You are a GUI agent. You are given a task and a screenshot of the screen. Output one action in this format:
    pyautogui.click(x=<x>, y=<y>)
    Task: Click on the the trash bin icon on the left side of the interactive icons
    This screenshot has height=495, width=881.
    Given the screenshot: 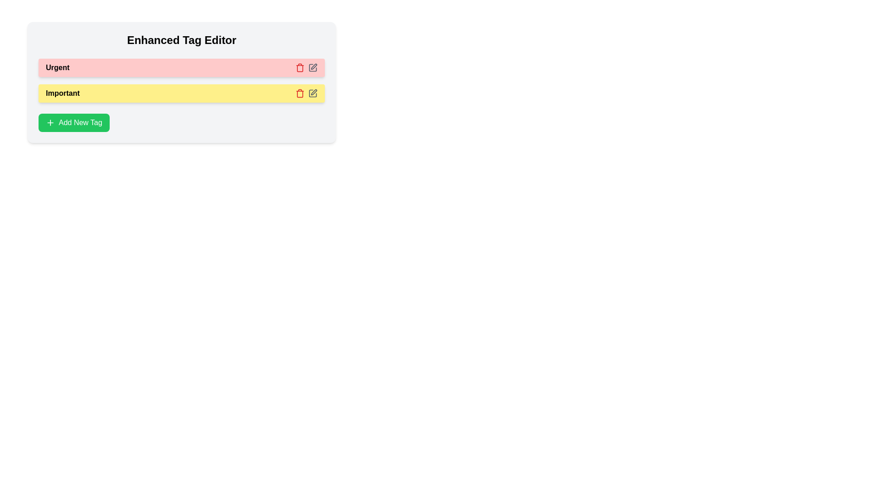 What is the action you would take?
    pyautogui.click(x=306, y=93)
    